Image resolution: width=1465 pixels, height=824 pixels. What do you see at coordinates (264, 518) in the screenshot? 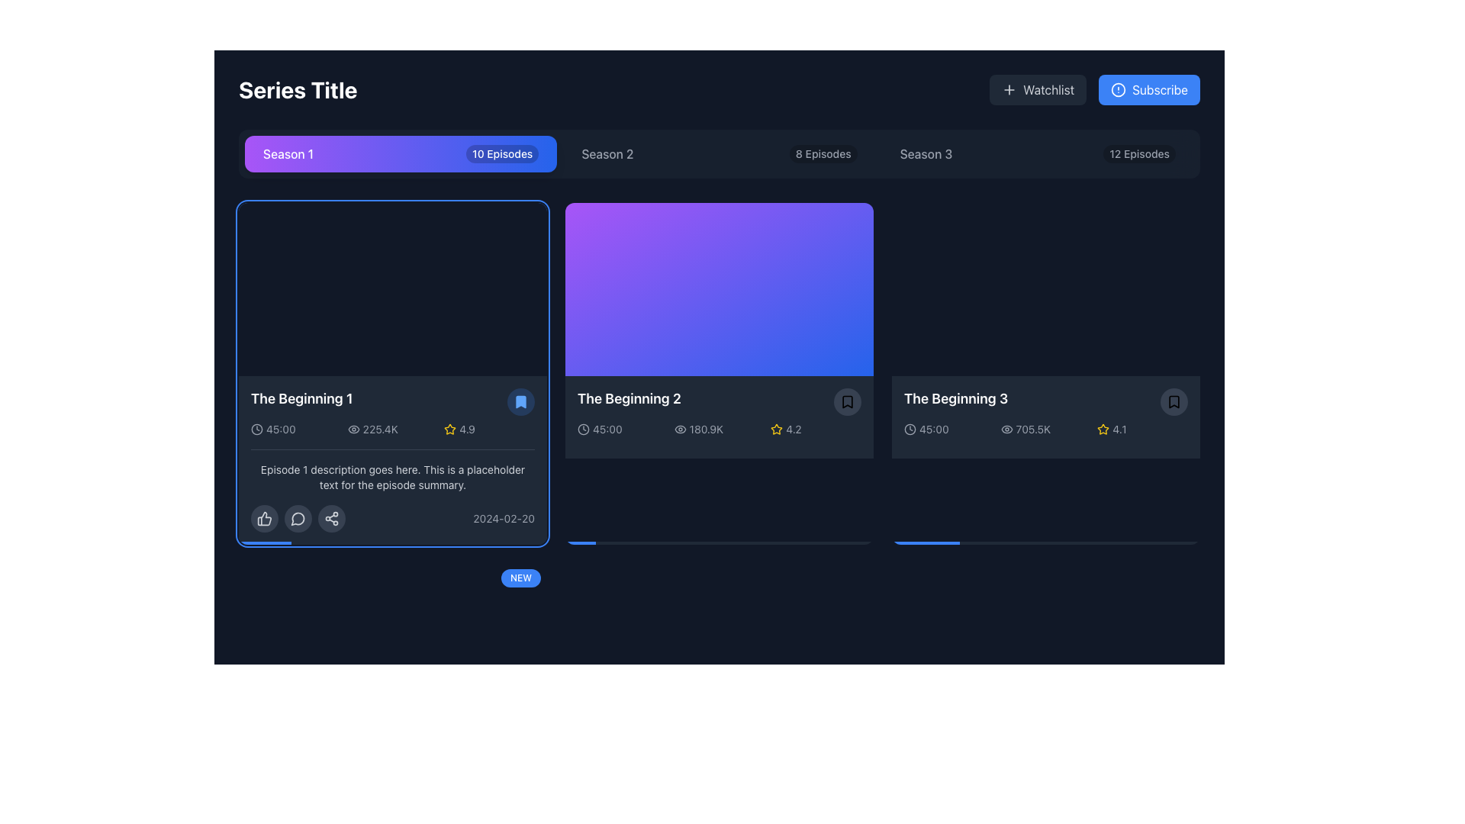
I see `the 'like' icon located at the bottom-right corner of the card for 'The Beginning 1' to express appreciation for the content` at bounding box center [264, 518].